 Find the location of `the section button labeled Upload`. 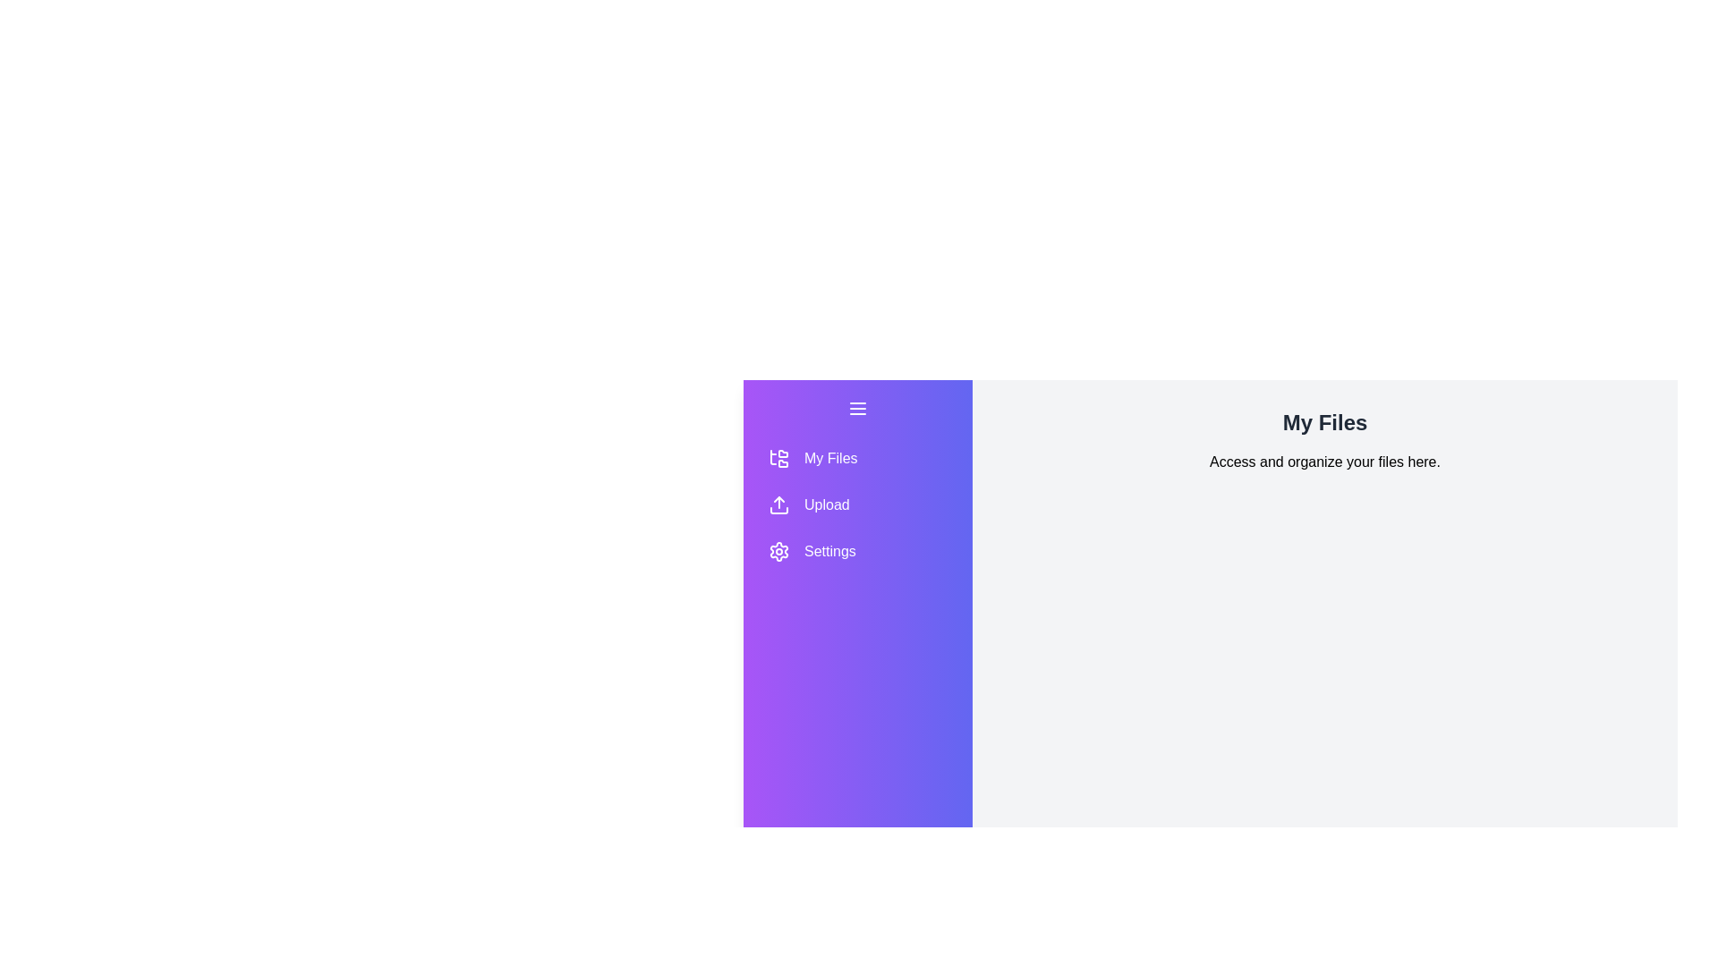

the section button labeled Upload is located at coordinates (857, 504).